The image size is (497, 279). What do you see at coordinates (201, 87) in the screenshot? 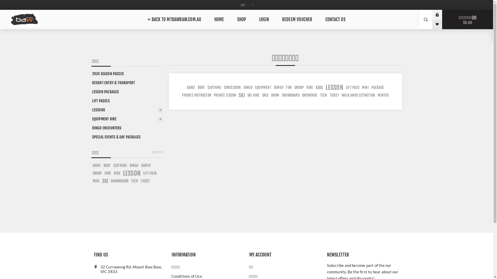
I see `'BOOT'` at bounding box center [201, 87].